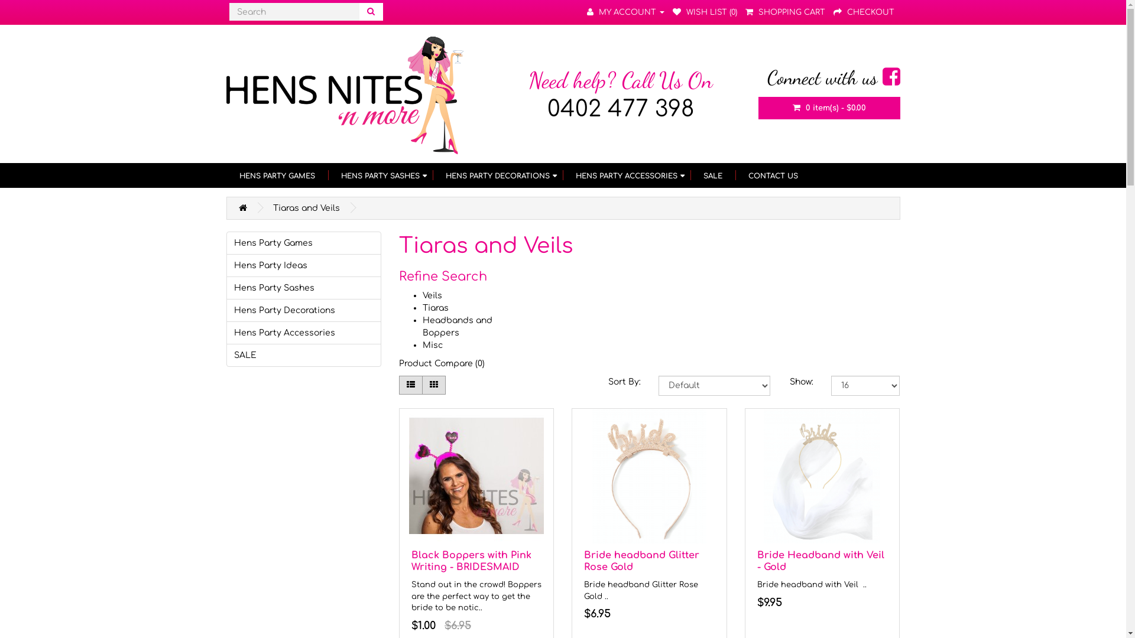 The width and height of the screenshot is (1135, 638). Describe the element at coordinates (303, 242) in the screenshot. I see `'Hens Party Games'` at that location.